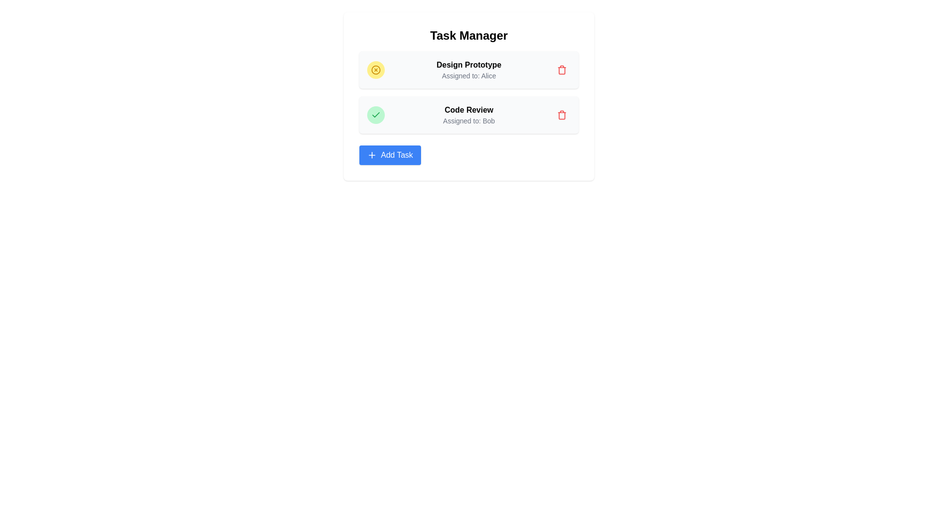 This screenshot has width=940, height=529. What do you see at coordinates (376, 69) in the screenshot?
I see `the Status Icon located on the left side of the 'Design Prototype' item row in the task list` at bounding box center [376, 69].